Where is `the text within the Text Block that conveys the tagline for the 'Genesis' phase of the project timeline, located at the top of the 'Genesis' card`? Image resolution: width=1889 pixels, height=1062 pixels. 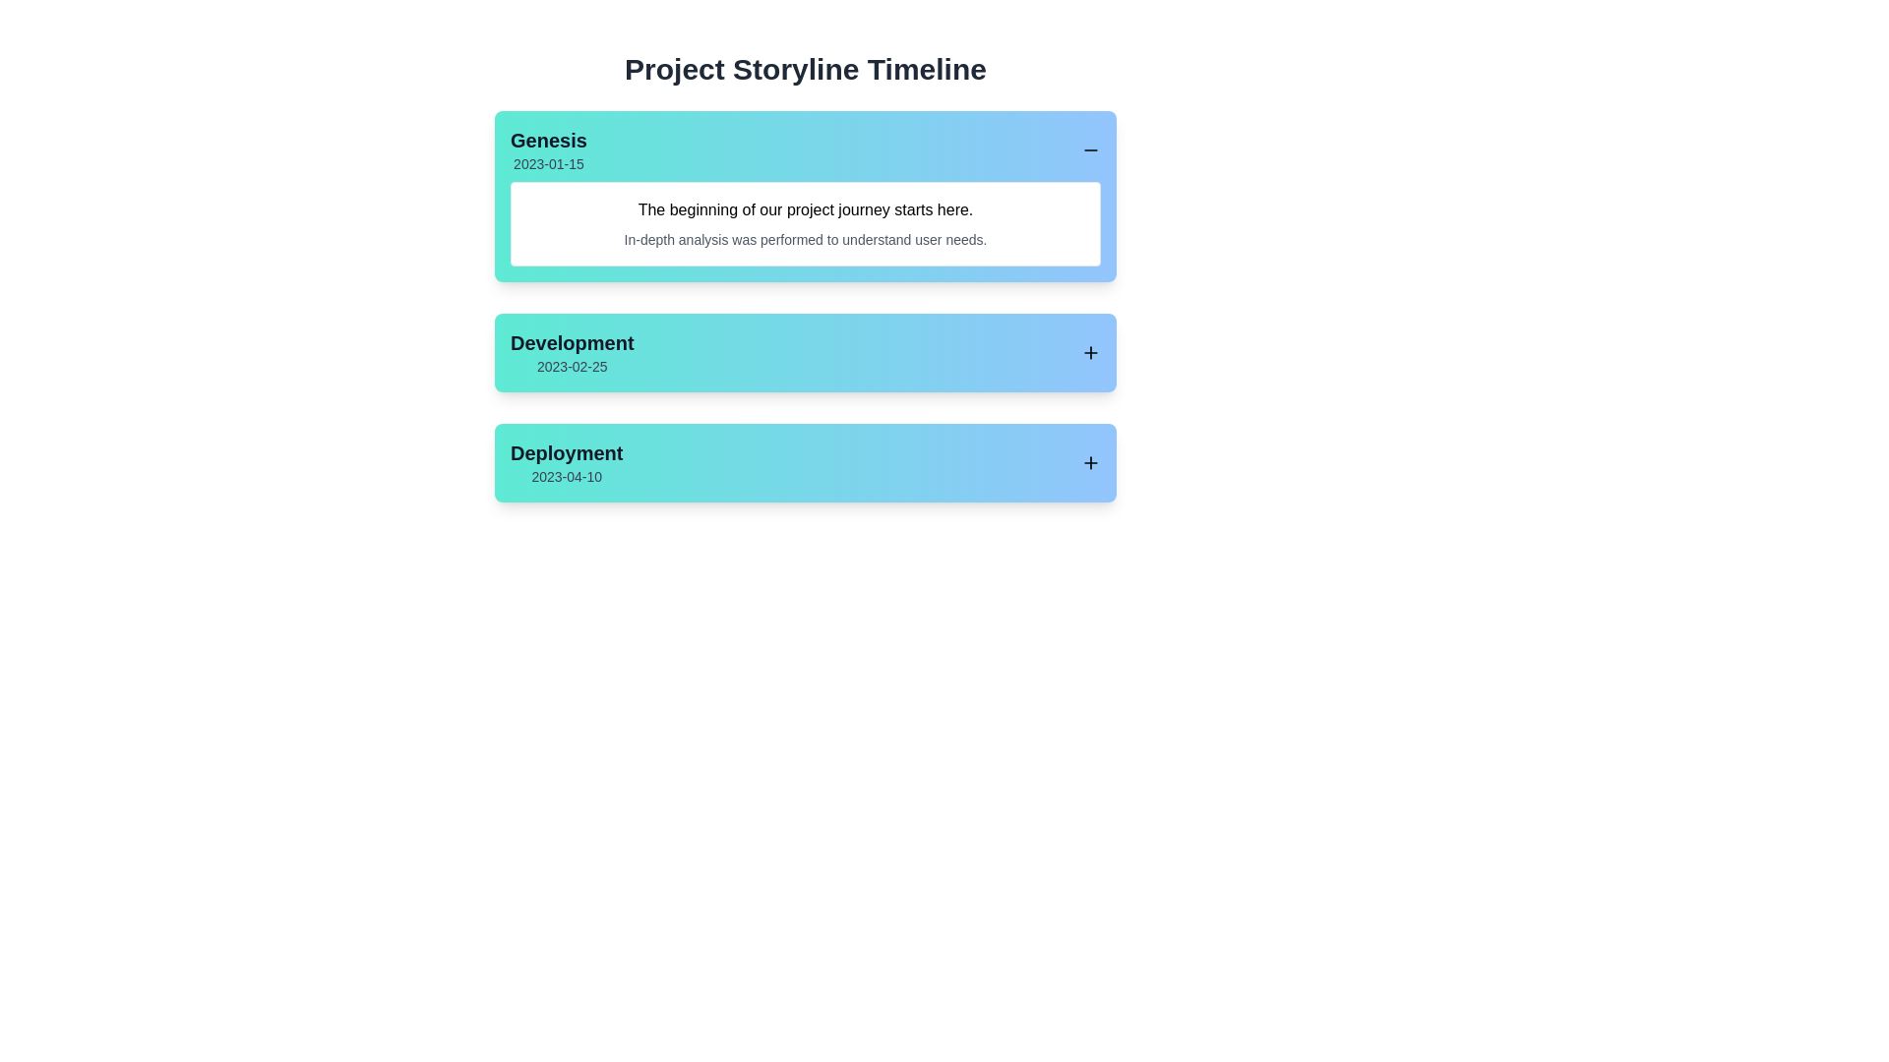 the text within the Text Block that conveys the tagline for the 'Genesis' phase of the project timeline, located at the top of the 'Genesis' card is located at coordinates (806, 209).